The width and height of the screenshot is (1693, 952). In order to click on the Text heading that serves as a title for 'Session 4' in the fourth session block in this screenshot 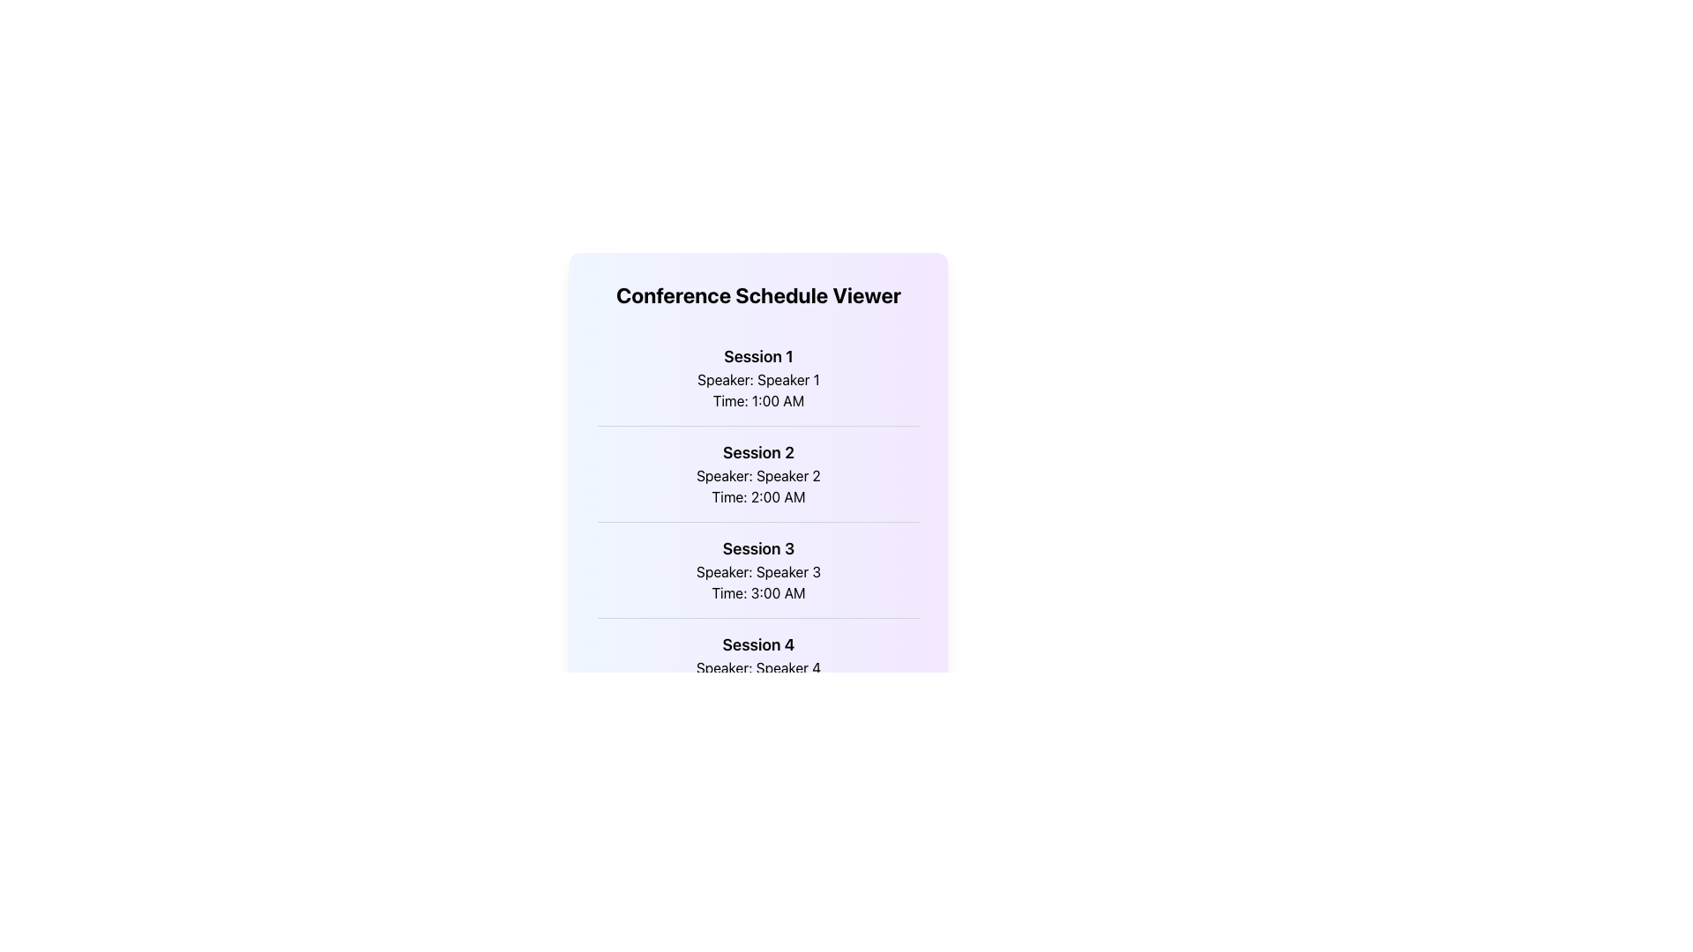, I will do `click(758, 645)`.